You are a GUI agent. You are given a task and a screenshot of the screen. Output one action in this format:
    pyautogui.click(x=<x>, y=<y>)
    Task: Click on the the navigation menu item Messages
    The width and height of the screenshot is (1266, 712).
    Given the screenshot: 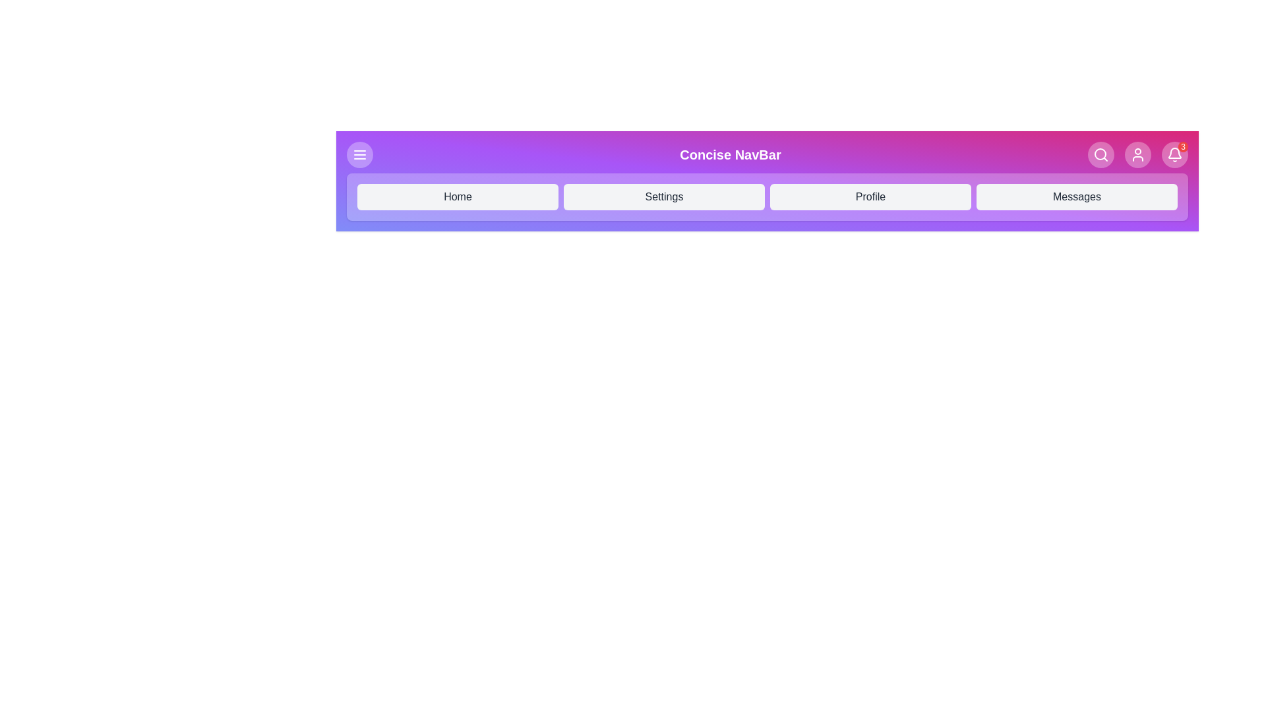 What is the action you would take?
    pyautogui.click(x=1077, y=197)
    